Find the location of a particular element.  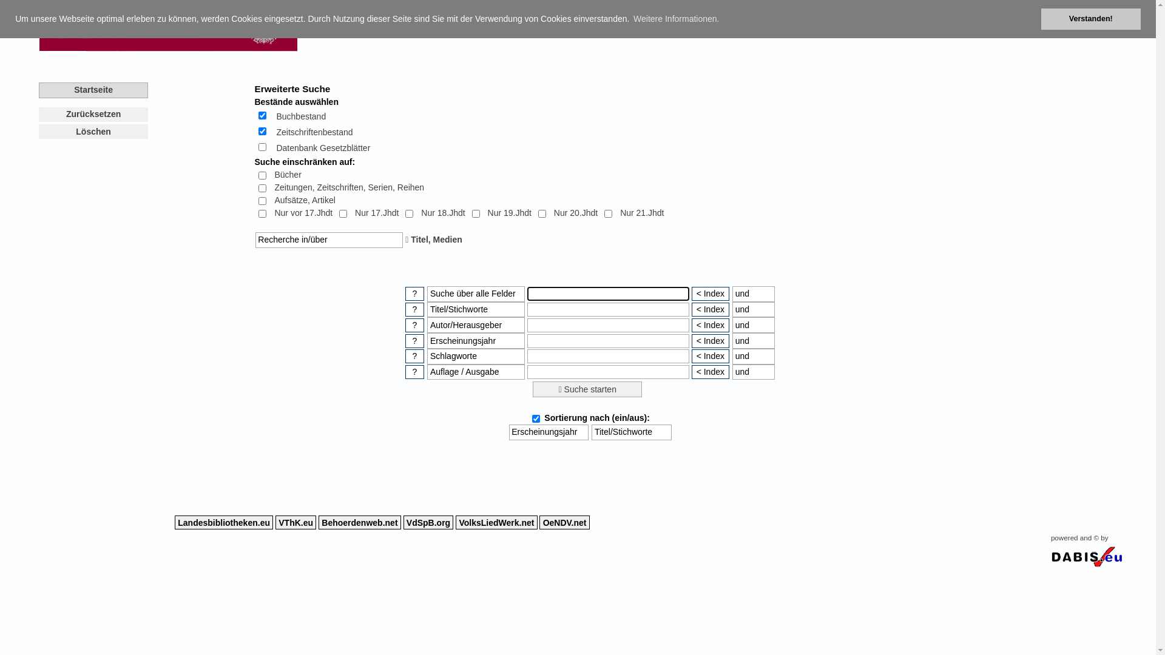

'Verstanden!' is located at coordinates (1091, 19).